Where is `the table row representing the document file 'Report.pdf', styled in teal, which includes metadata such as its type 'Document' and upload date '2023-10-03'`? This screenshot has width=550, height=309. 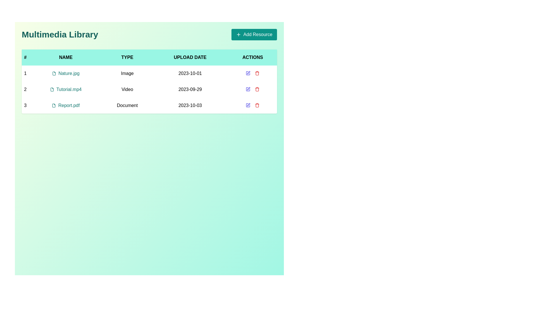
the table row representing the document file 'Report.pdf', styled in teal, which includes metadata such as its type 'Document' and upload date '2023-10-03' is located at coordinates (149, 106).